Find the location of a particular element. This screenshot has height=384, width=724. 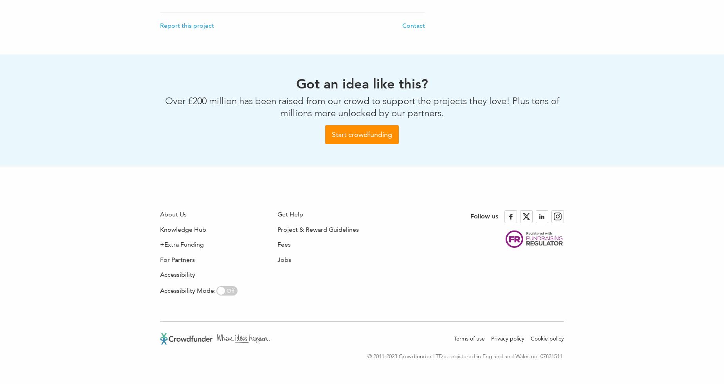

'Contact' is located at coordinates (402, 25).